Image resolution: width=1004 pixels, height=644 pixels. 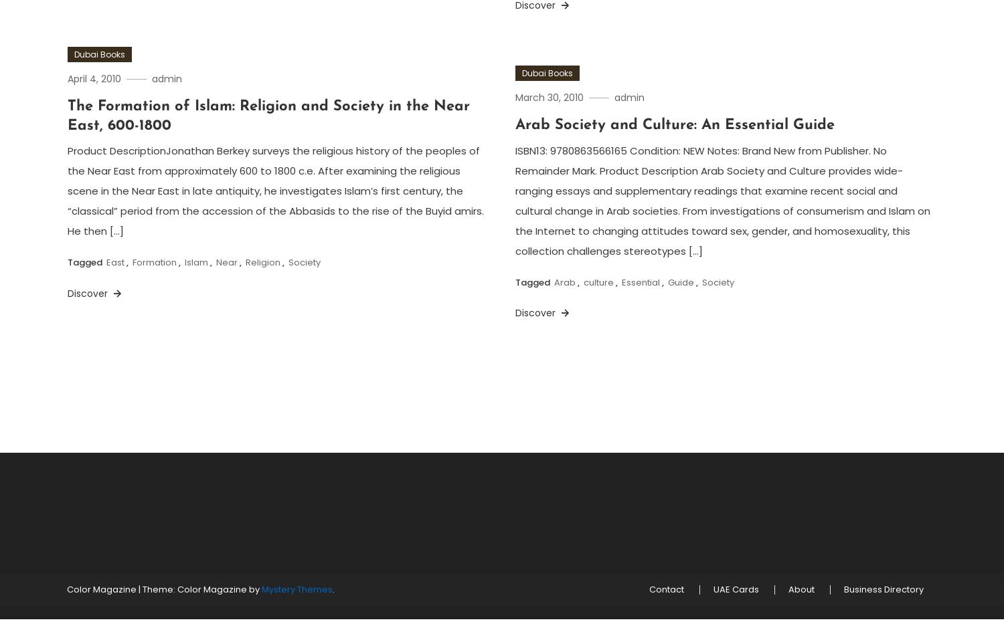 I want to click on 'Near', so click(x=226, y=261).